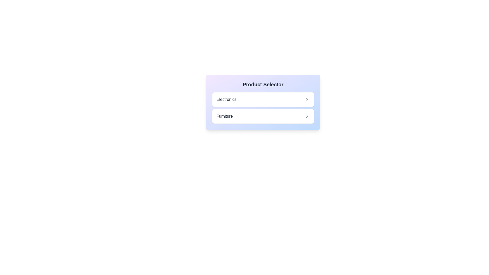  I want to click on the 'Electronics' option in the 'Product Selector' component, so click(263, 102).